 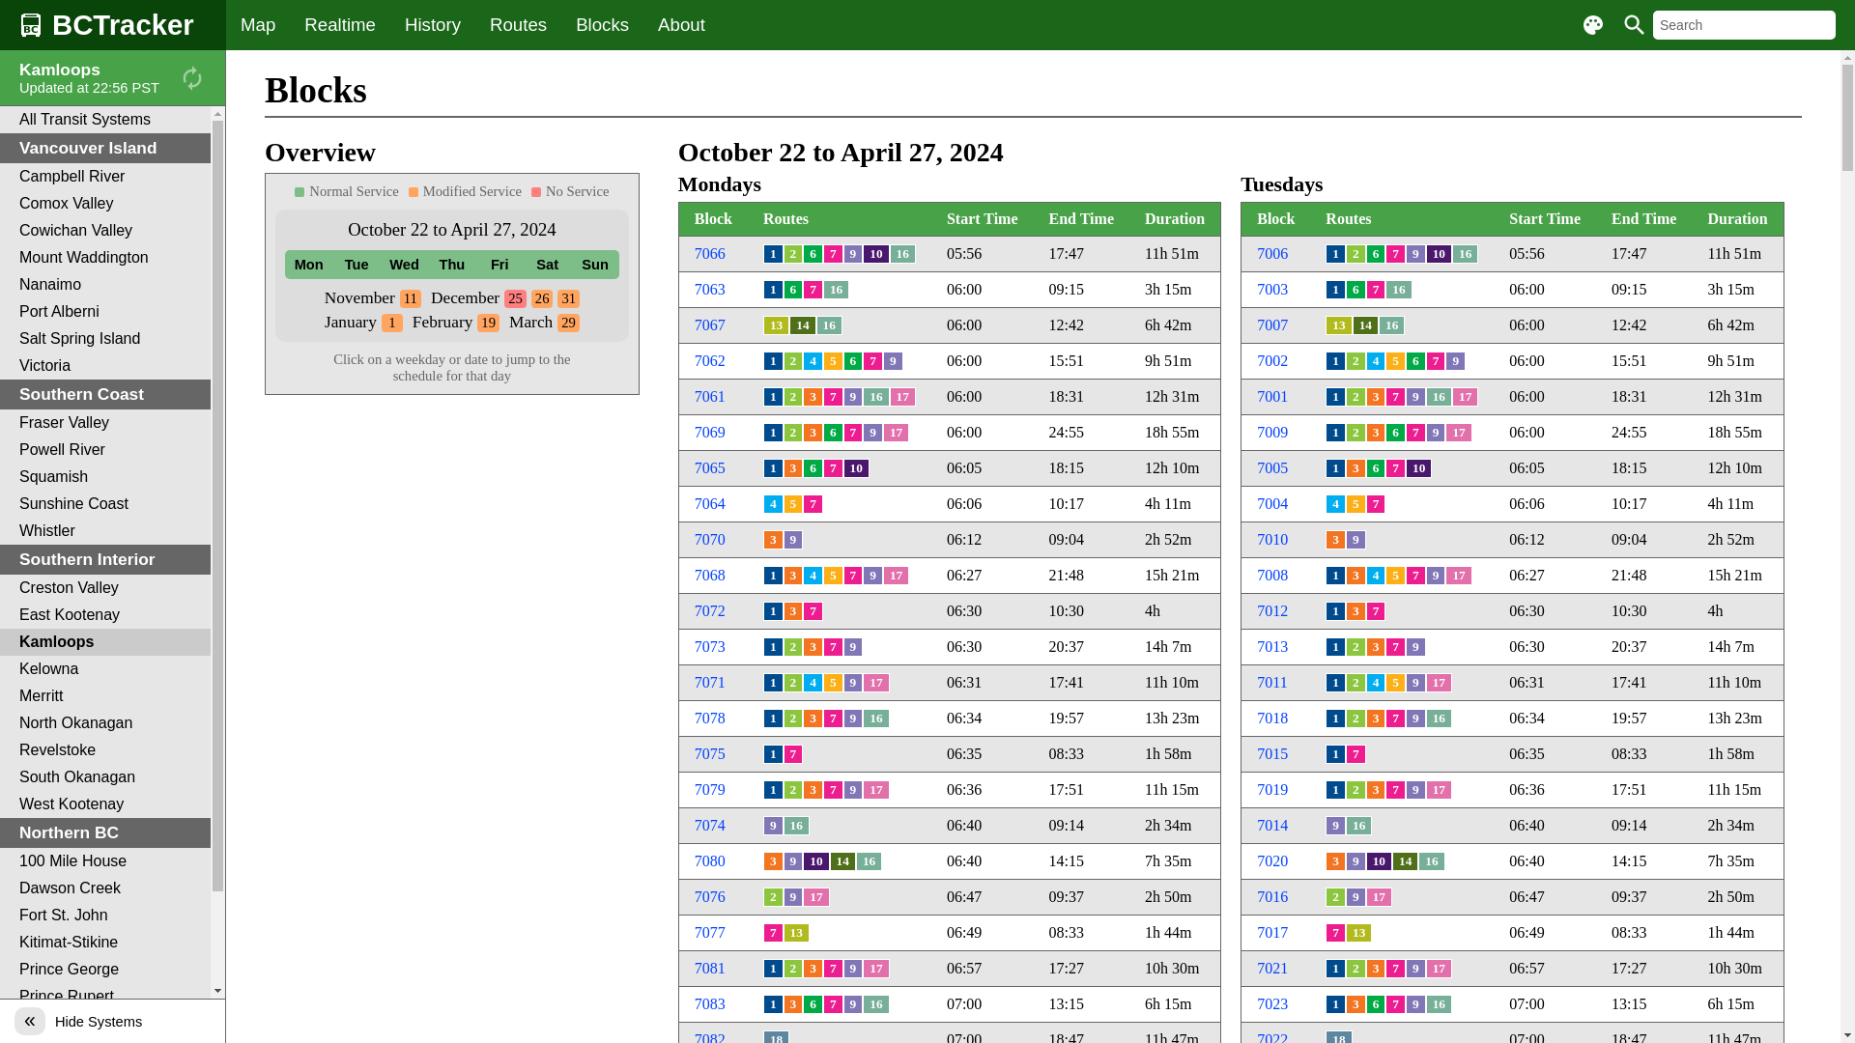 I want to click on '5', so click(x=833, y=361).